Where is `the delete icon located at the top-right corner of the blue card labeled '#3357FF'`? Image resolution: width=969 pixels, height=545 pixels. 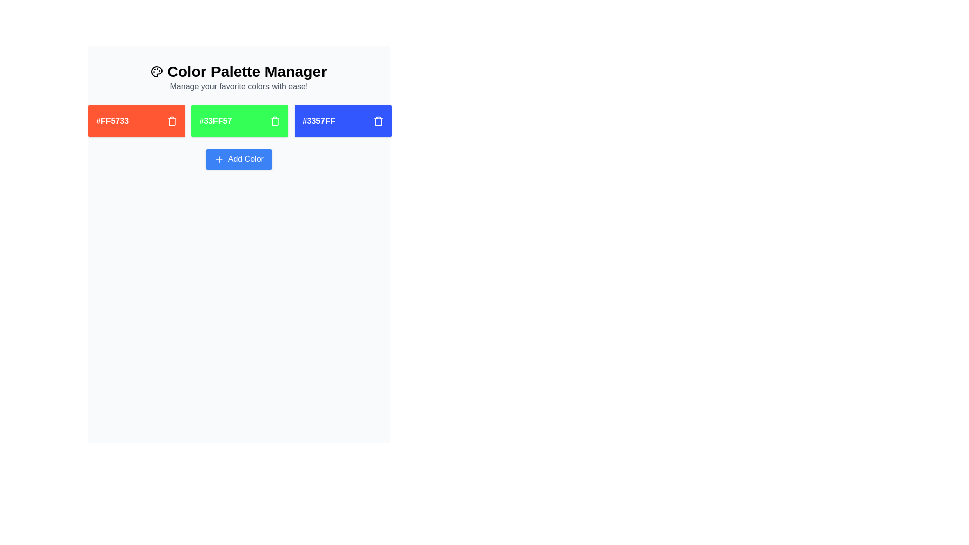
the delete icon located at the top-right corner of the blue card labeled '#3357FF' is located at coordinates (378, 120).